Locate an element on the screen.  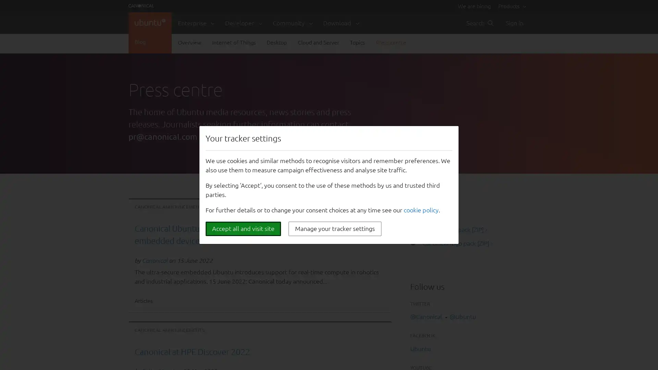
Manage your tracker settings is located at coordinates (335, 229).